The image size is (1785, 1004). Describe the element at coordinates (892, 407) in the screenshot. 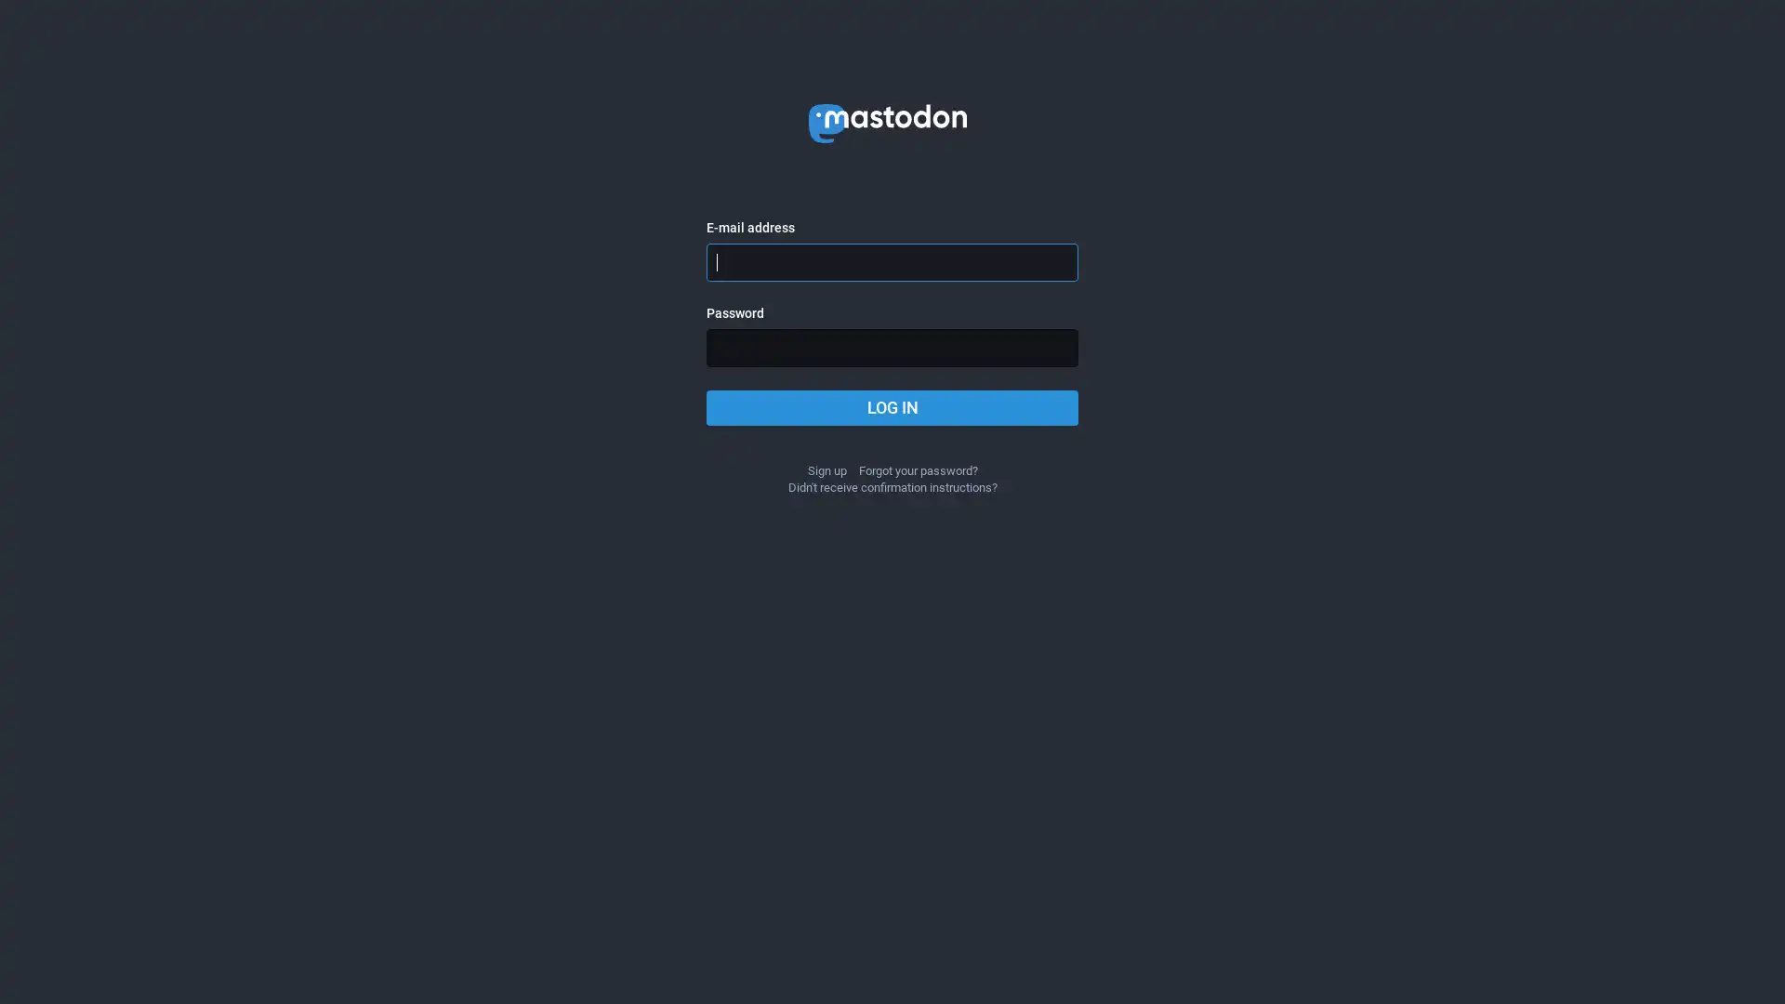

I see `LOG IN` at that location.